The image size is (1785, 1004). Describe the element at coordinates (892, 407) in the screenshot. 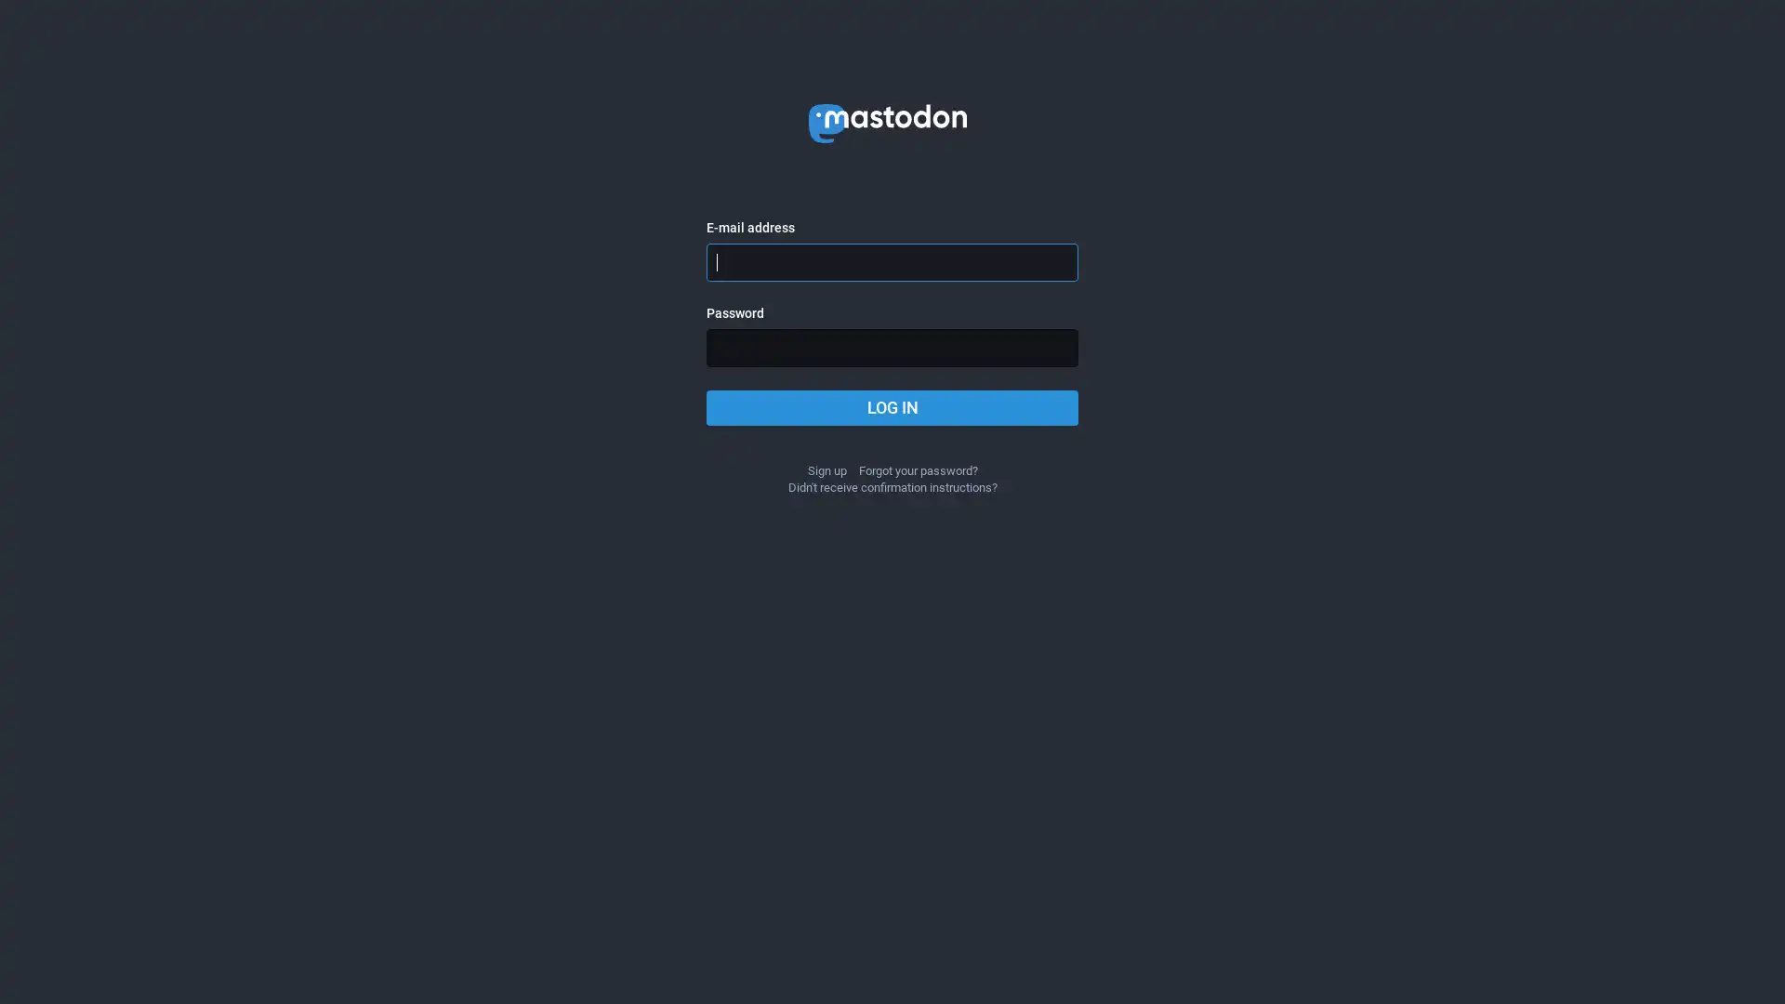

I see `LOG IN` at that location.